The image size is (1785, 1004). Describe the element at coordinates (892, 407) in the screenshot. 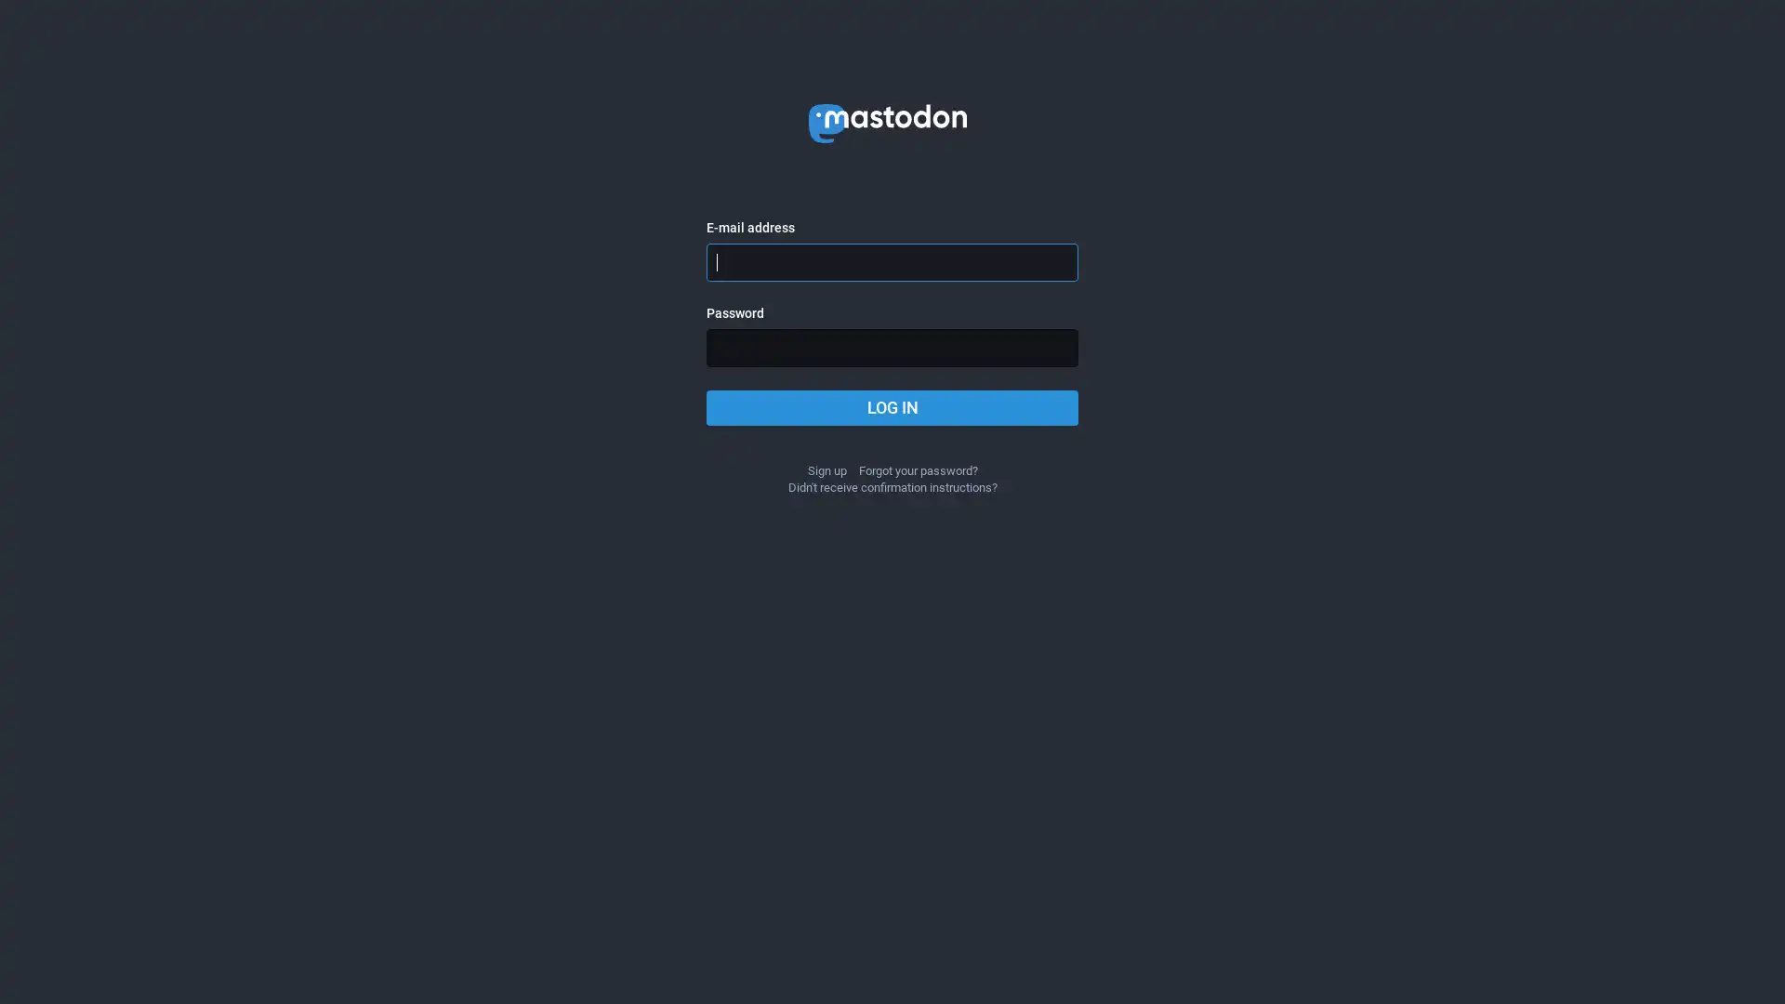

I see `LOG IN` at that location.